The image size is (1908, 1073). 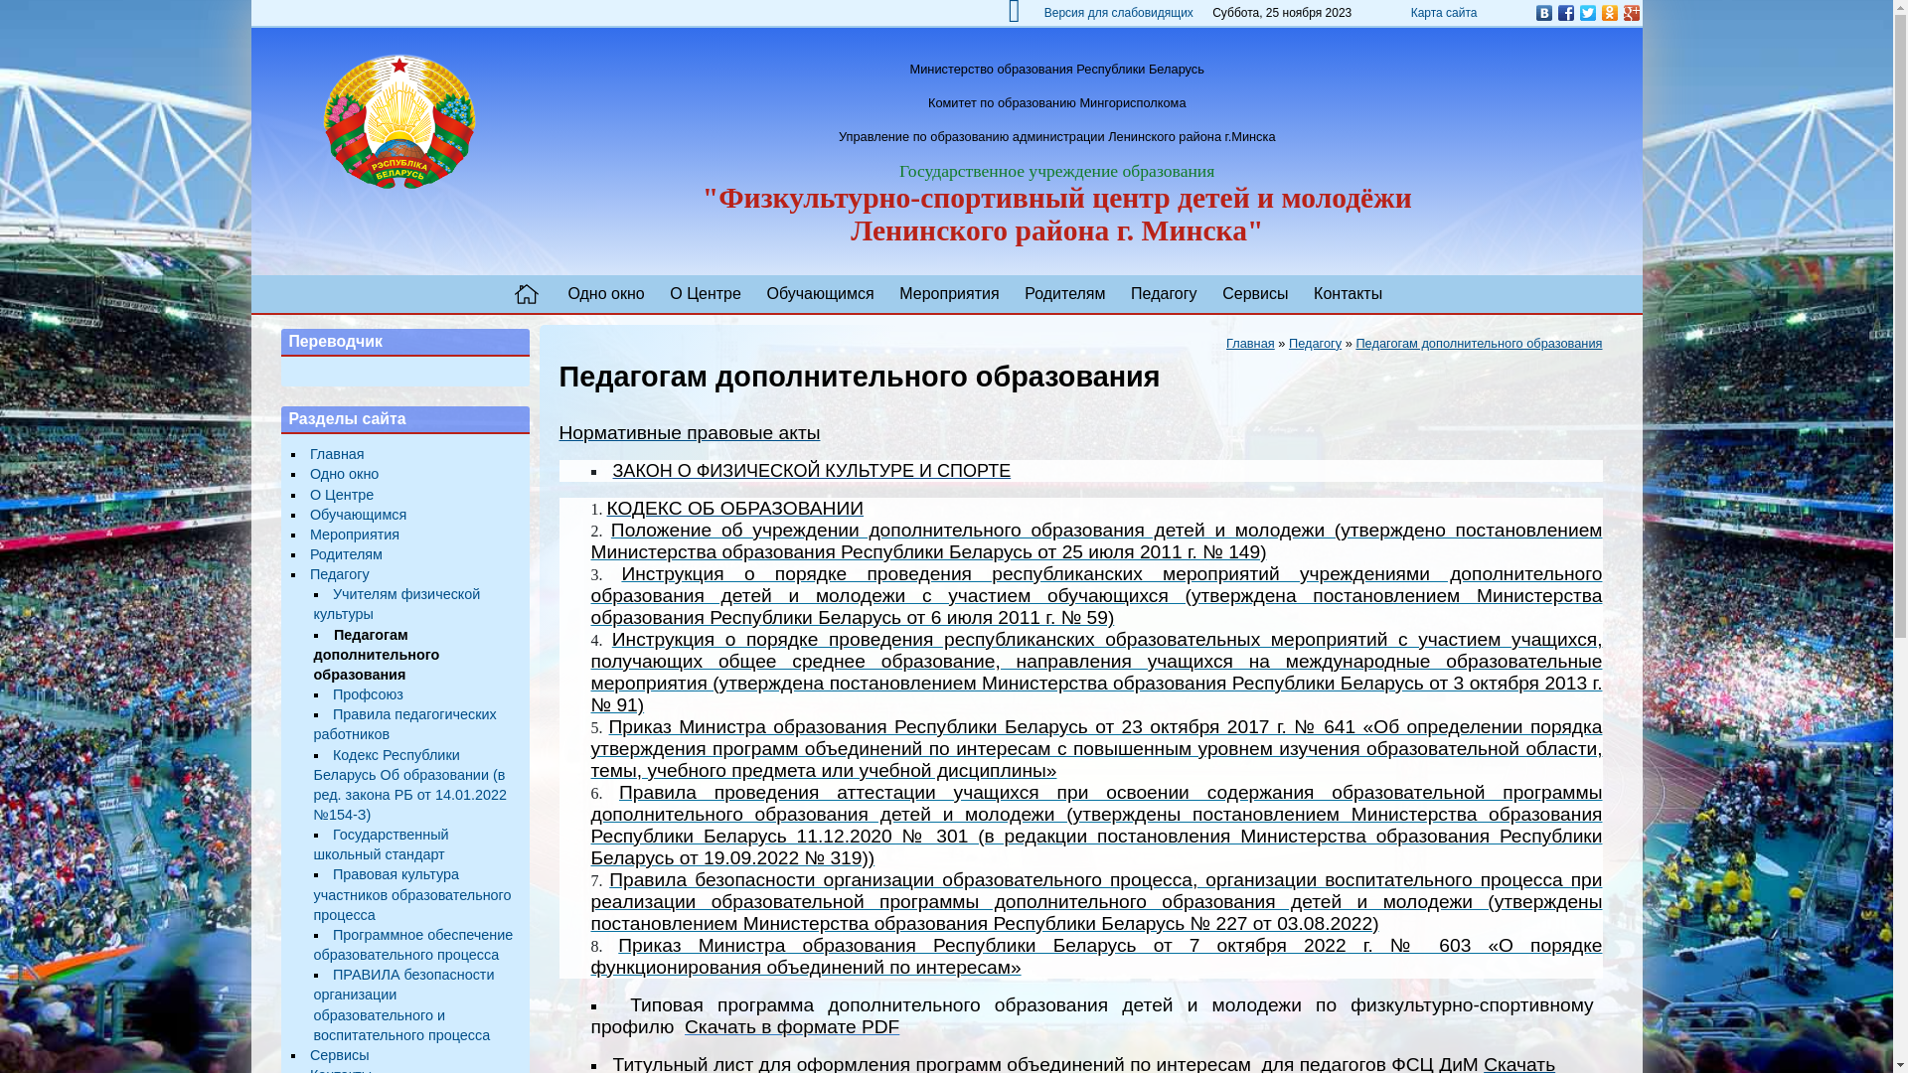 I want to click on 'Facebook', so click(x=1563, y=12).